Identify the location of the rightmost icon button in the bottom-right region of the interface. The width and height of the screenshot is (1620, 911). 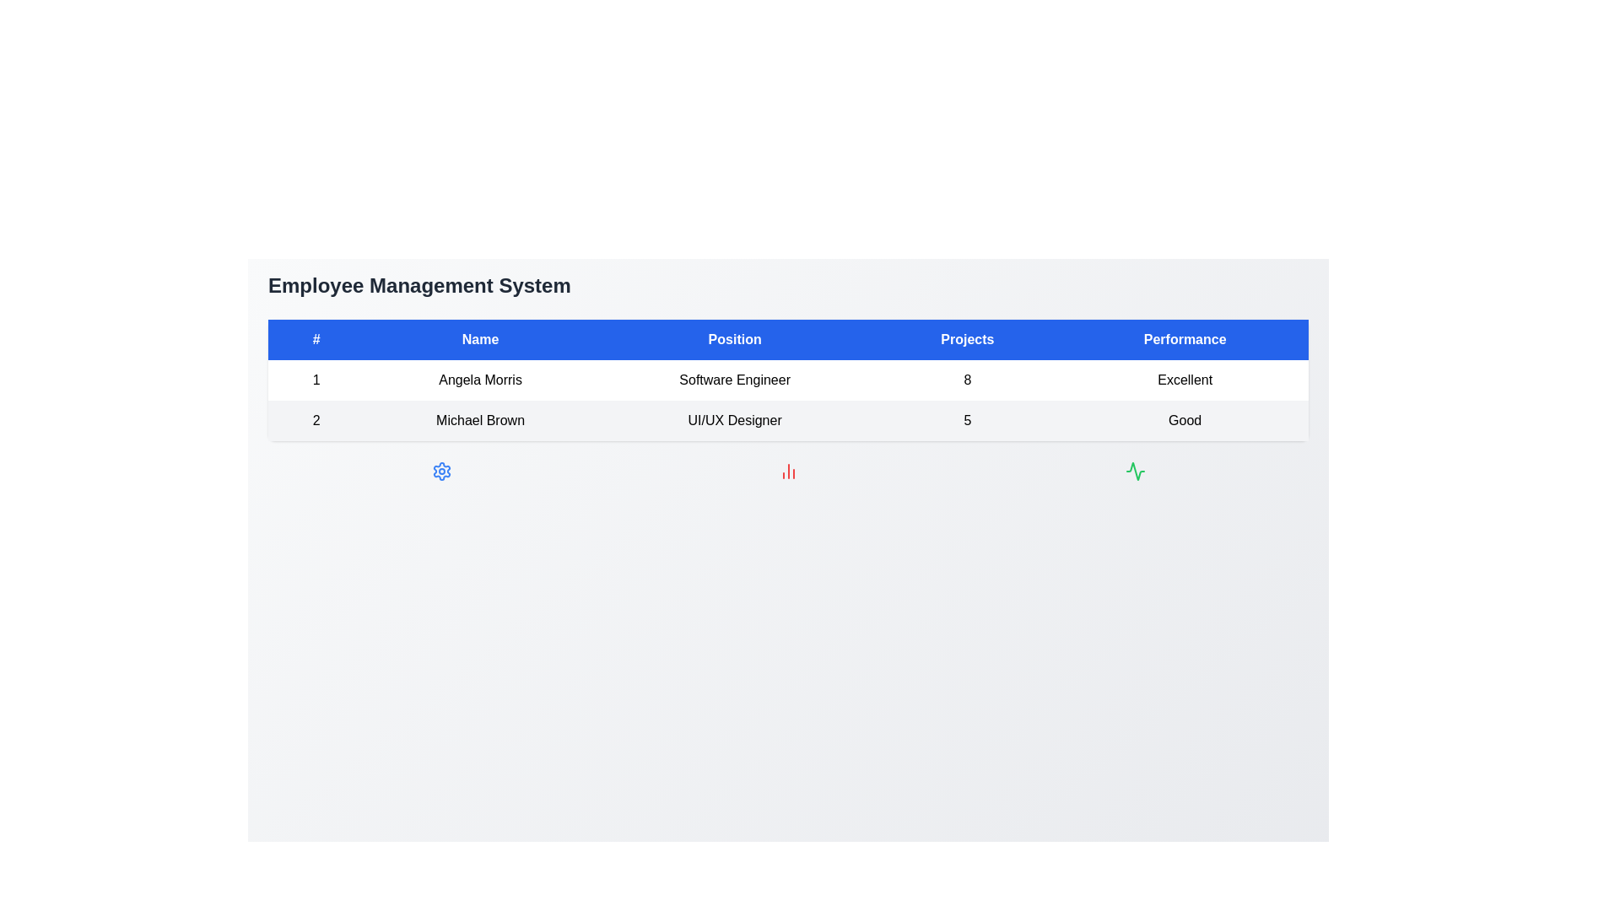
(1135, 472).